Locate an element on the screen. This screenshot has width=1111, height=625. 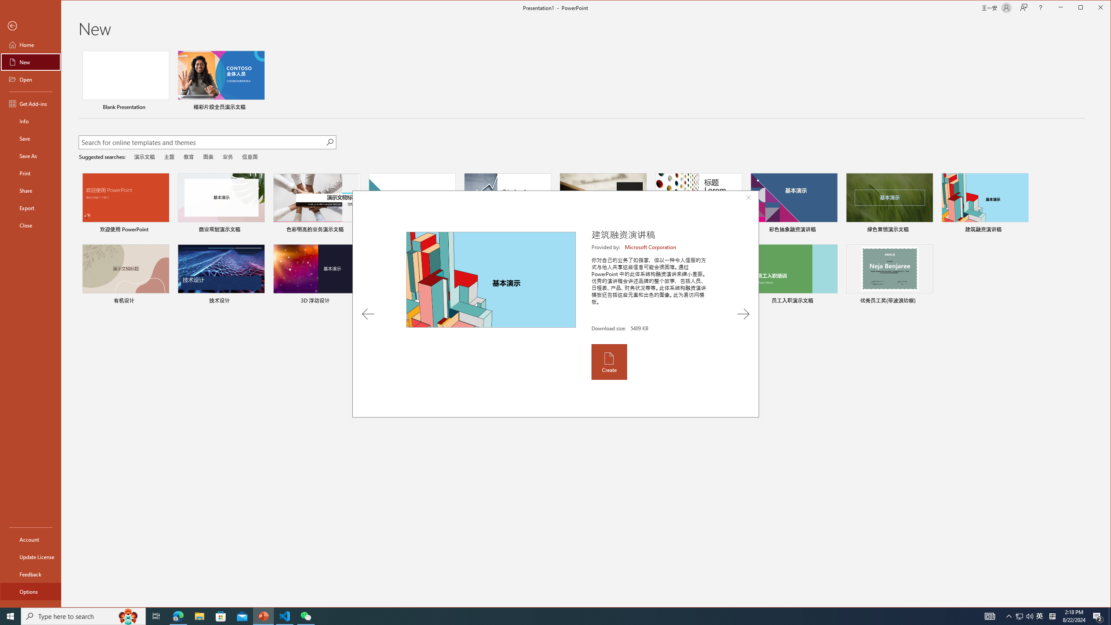
'New' is located at coordinates (30, 61).